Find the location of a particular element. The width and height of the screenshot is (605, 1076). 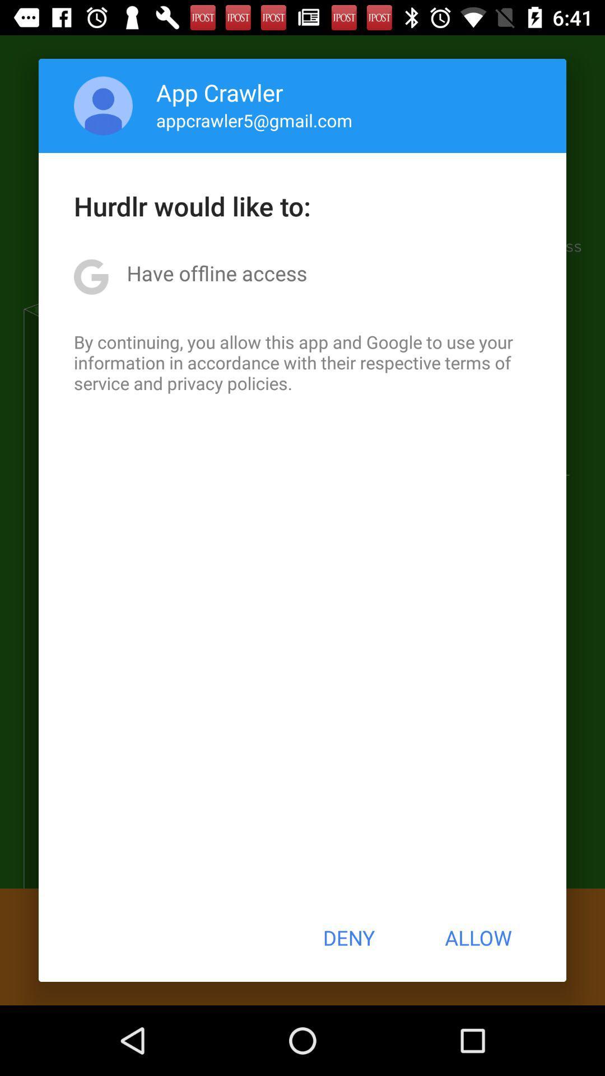

item above the appcrawler5@gmail.com is located at coordinates (220, 92).